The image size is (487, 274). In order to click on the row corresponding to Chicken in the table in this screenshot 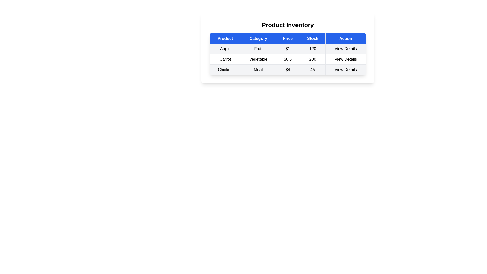, I will do `click(288, 70)`.